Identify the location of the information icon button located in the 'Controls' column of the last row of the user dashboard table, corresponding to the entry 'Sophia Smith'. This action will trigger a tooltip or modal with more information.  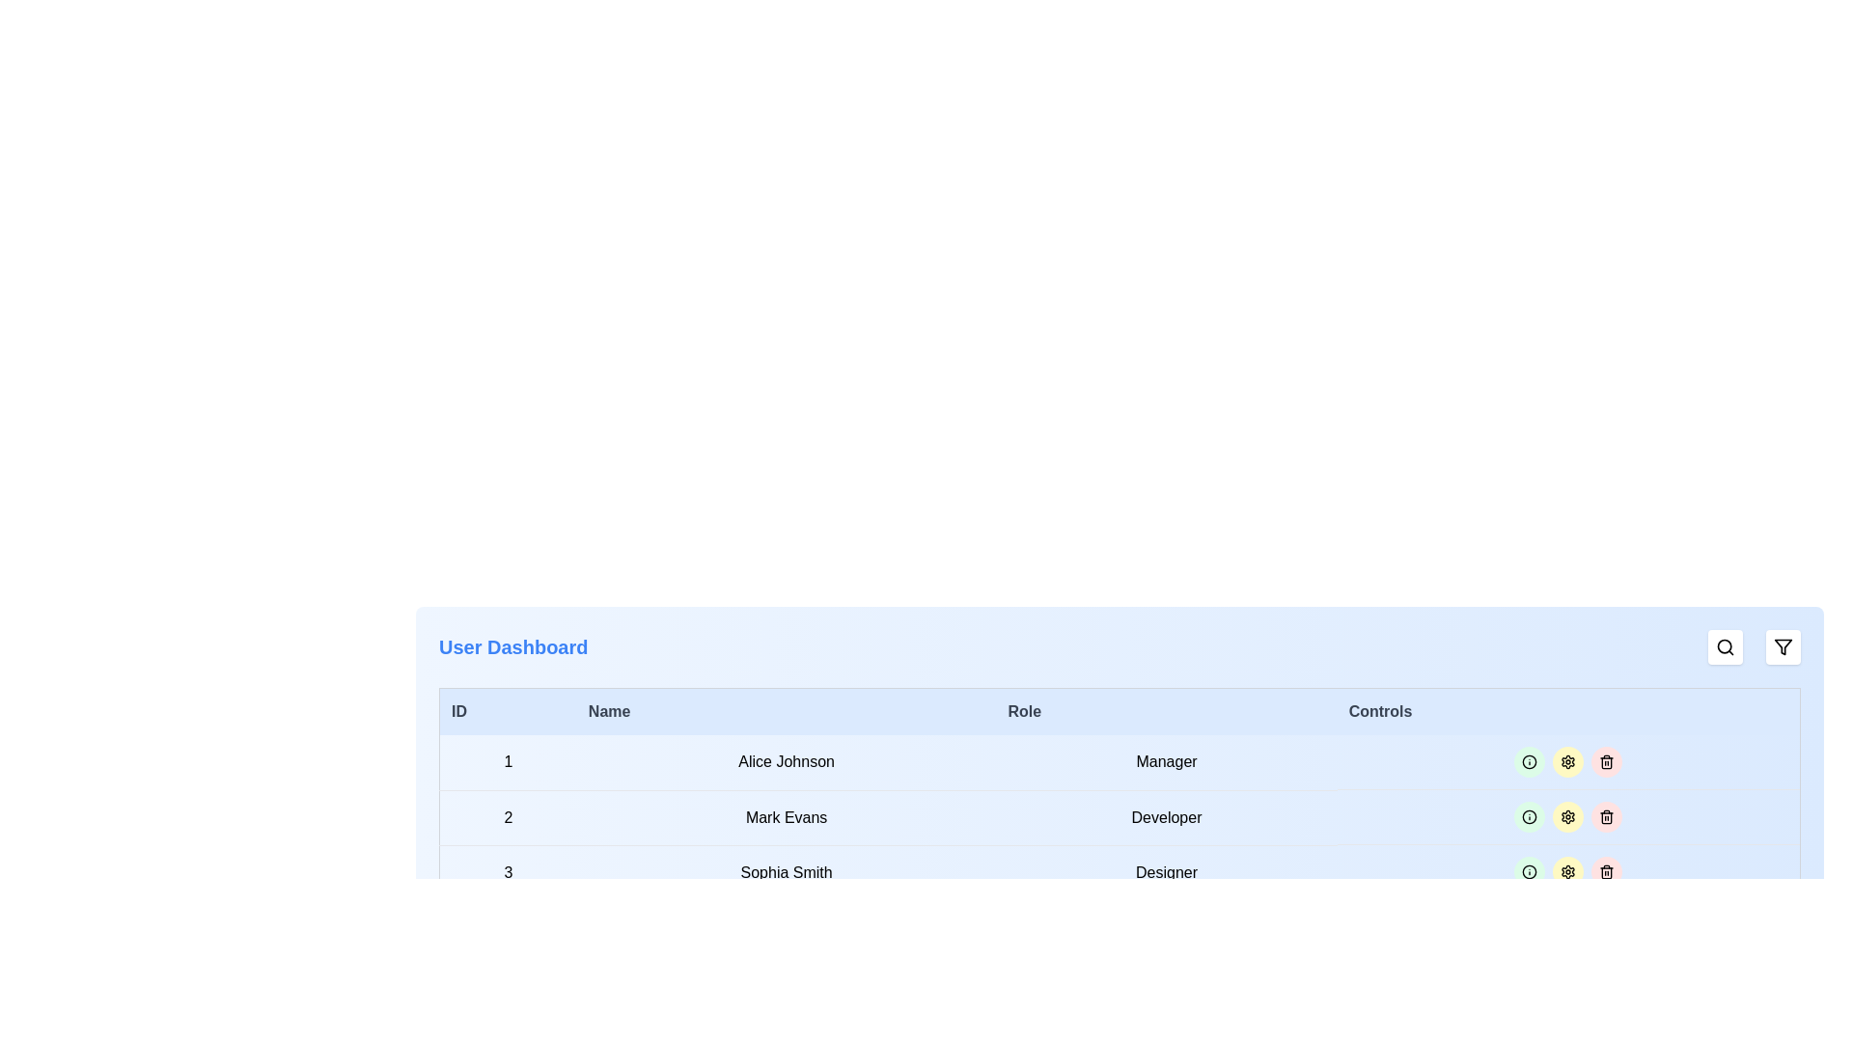
(1529, 871).